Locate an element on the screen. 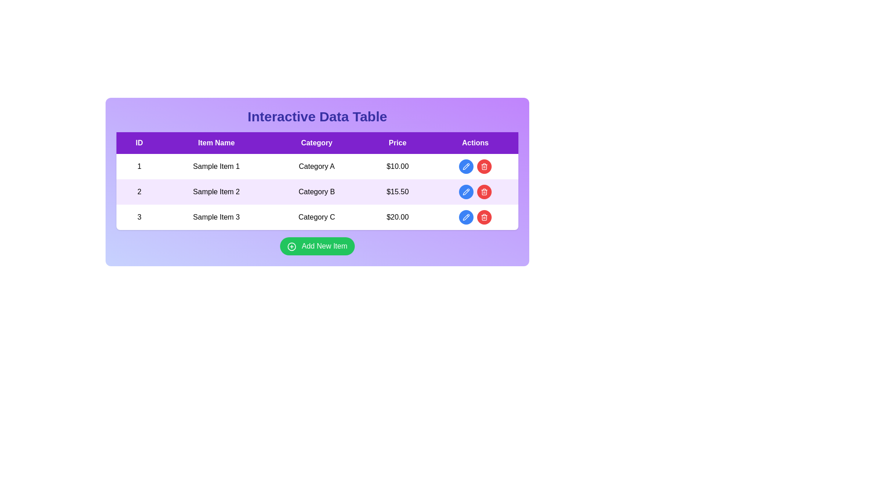 The height and width of the screenshot is (489, 870). the trash can icon with a red circular background in the 'Actions' column of the second row of the table to initiate a delete action is located at coordinates (484, 192).